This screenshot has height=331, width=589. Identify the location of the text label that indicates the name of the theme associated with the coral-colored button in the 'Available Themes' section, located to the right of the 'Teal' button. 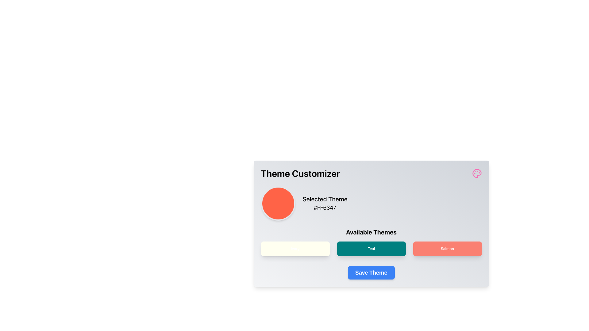
(447, 249).